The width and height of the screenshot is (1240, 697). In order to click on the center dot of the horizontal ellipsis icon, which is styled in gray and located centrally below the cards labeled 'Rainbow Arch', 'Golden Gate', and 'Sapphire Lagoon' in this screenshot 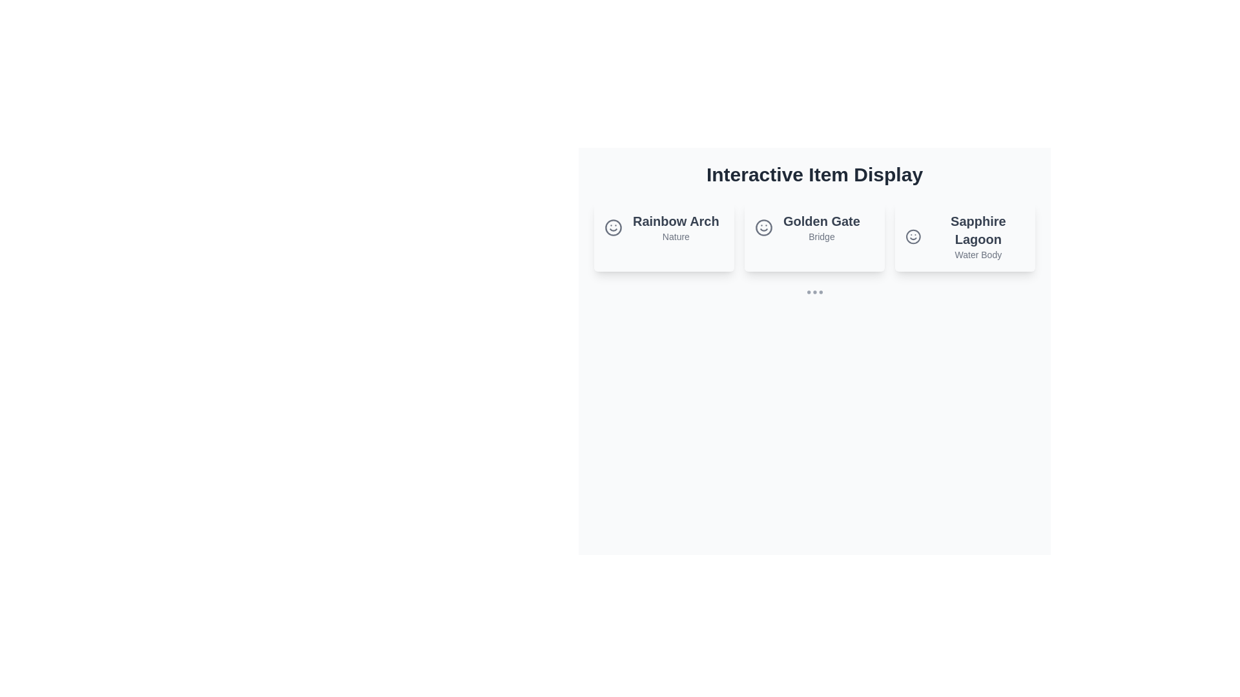, I will do `click(814, 292)`.